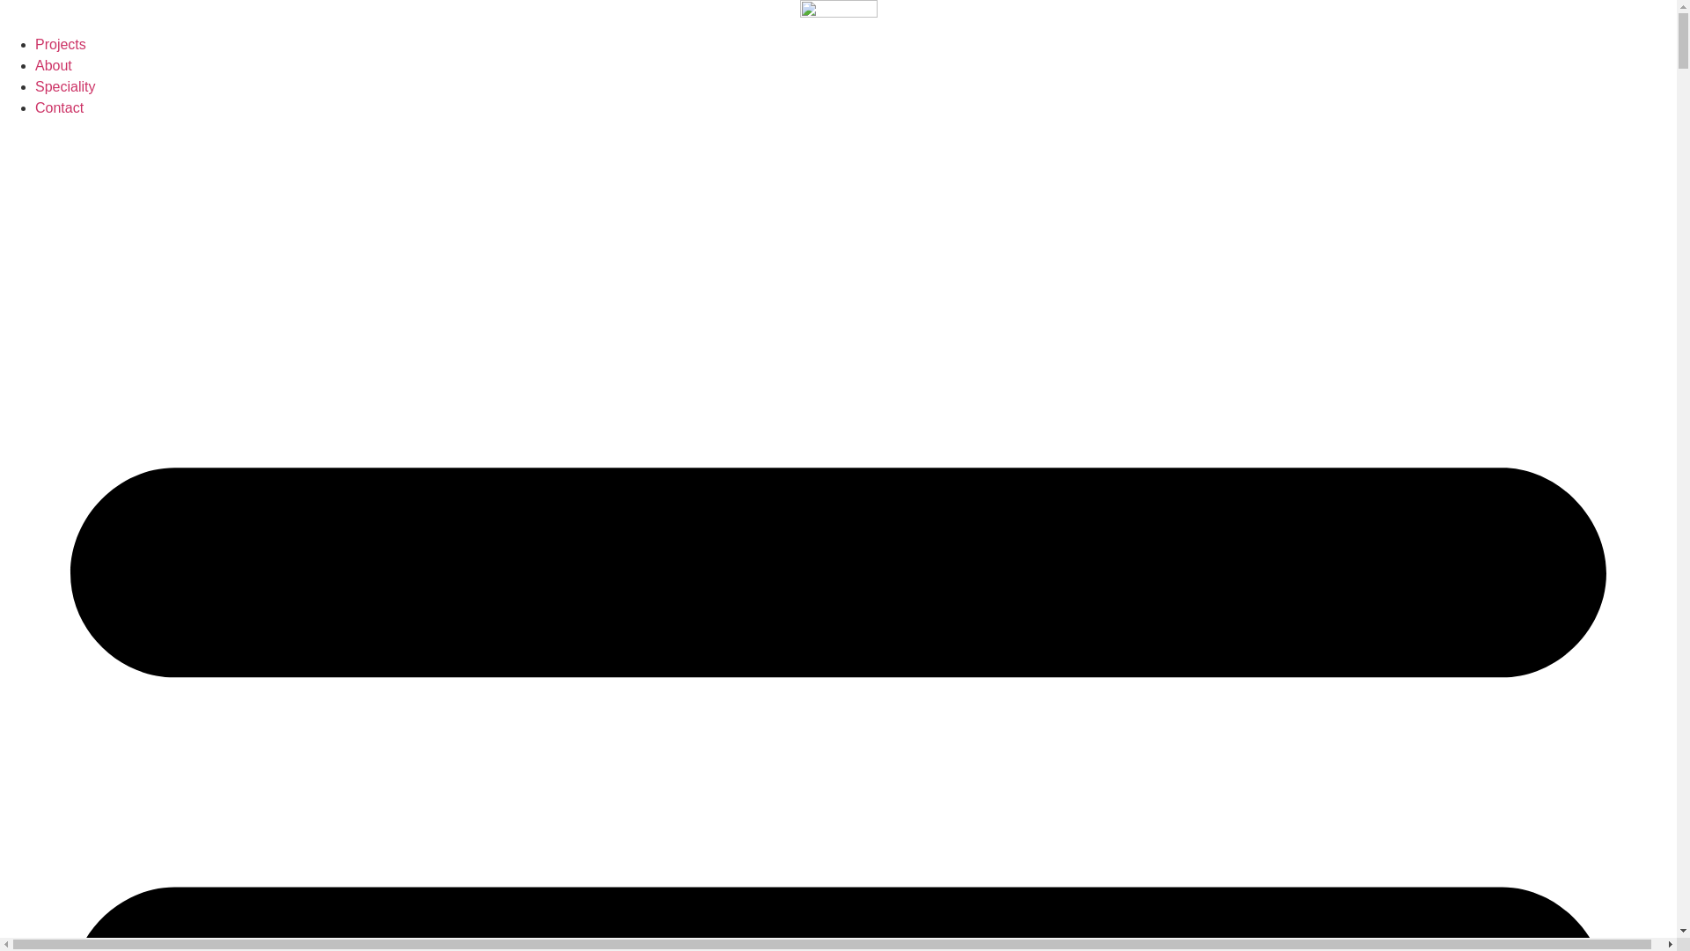 This screenshot has width=1690, height=951. What do you see at coordinates (34, 107) in the screenshot?
I see `'Contact'` at bounding box center [34, 107].